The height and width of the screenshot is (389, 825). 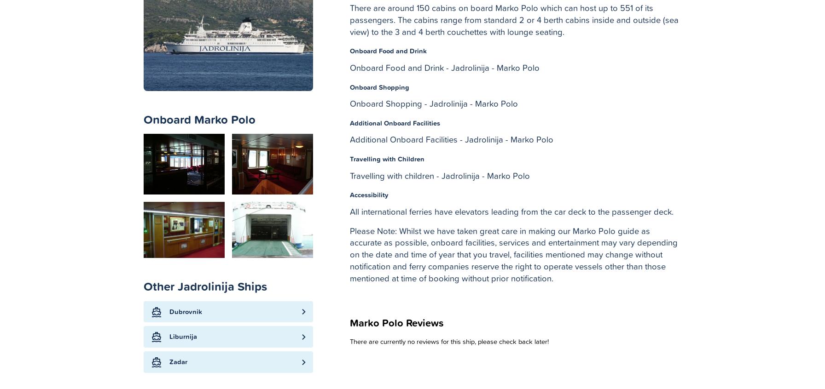 What do you see at coordinates (183, 336) in the screenshot?
I see `'Liburnija'` at bounding box center [183, 336].